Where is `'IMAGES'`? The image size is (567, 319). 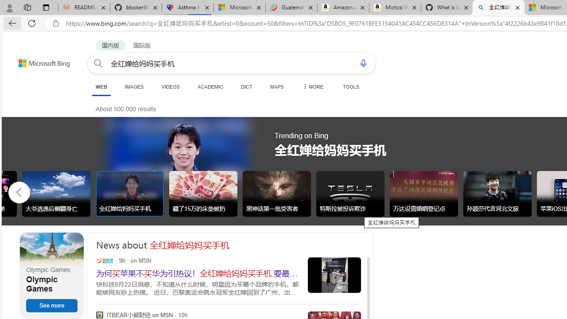
'IMAGES' is located at coordinates (133, 86).